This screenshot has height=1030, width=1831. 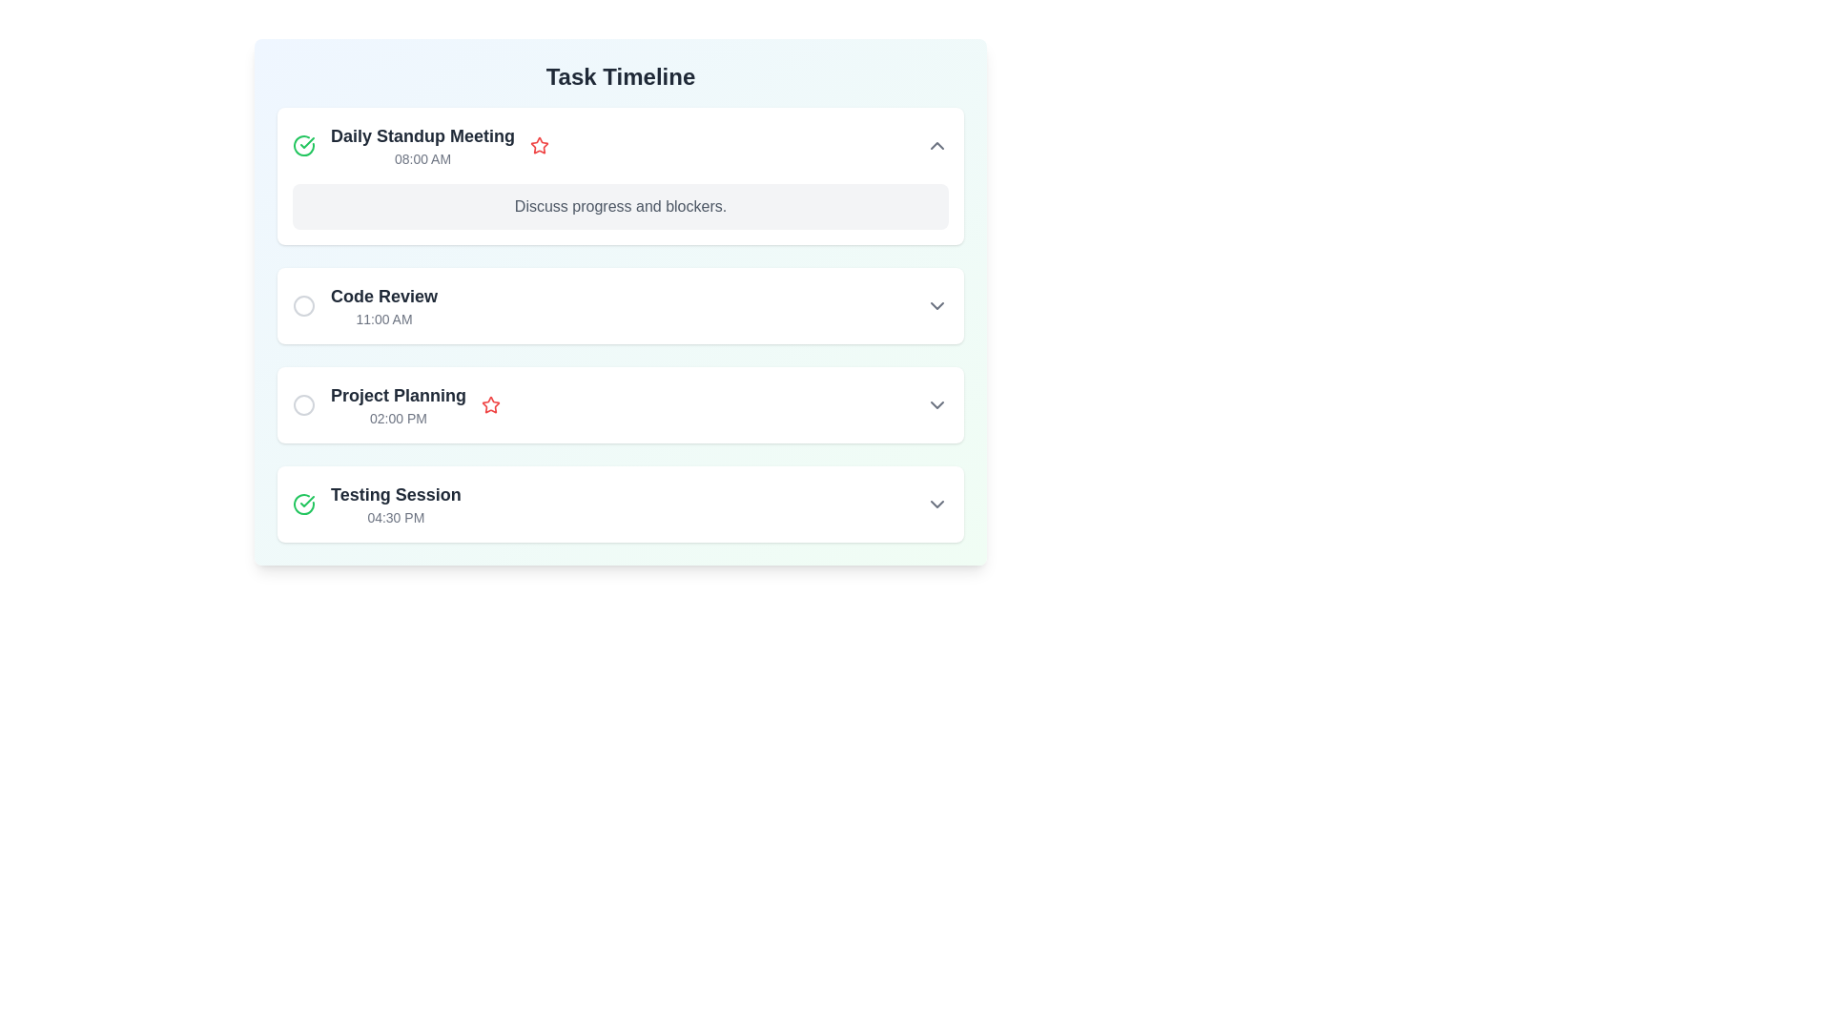 What do you see at coordinates (937, 145) in the screenshot?
I see `the collapse button located on the right side of the 'Daily Standup Meeting' entry to hide additional details` at bounding box center [937, 145].